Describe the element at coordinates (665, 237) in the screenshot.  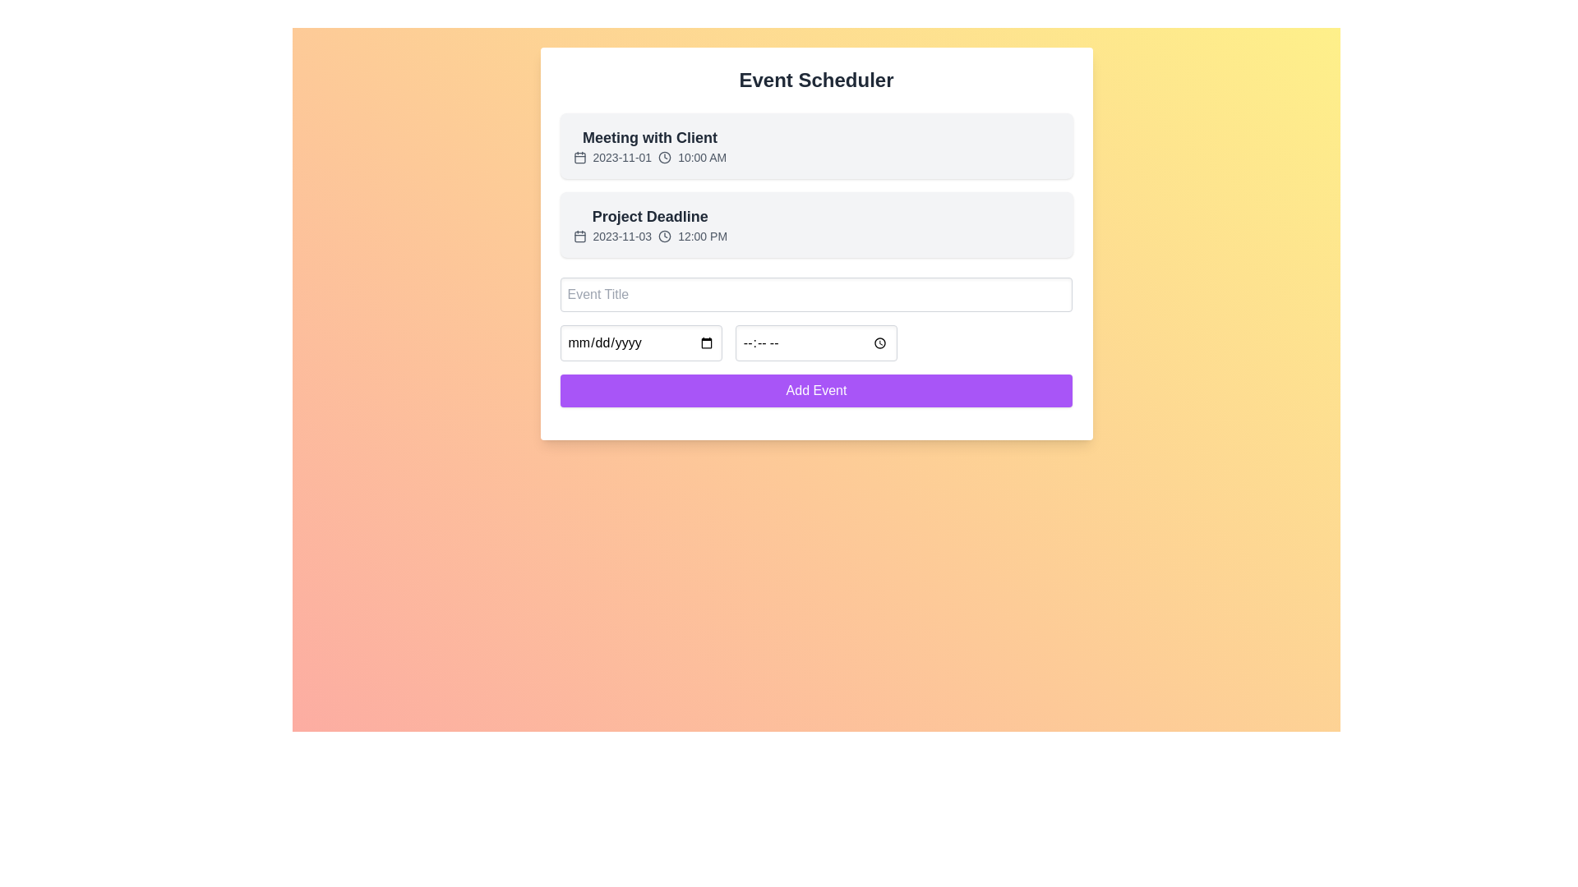
I see `the small circular clock icon located next to the time text '12:00 PM' in the second row of the event entries` at that location.